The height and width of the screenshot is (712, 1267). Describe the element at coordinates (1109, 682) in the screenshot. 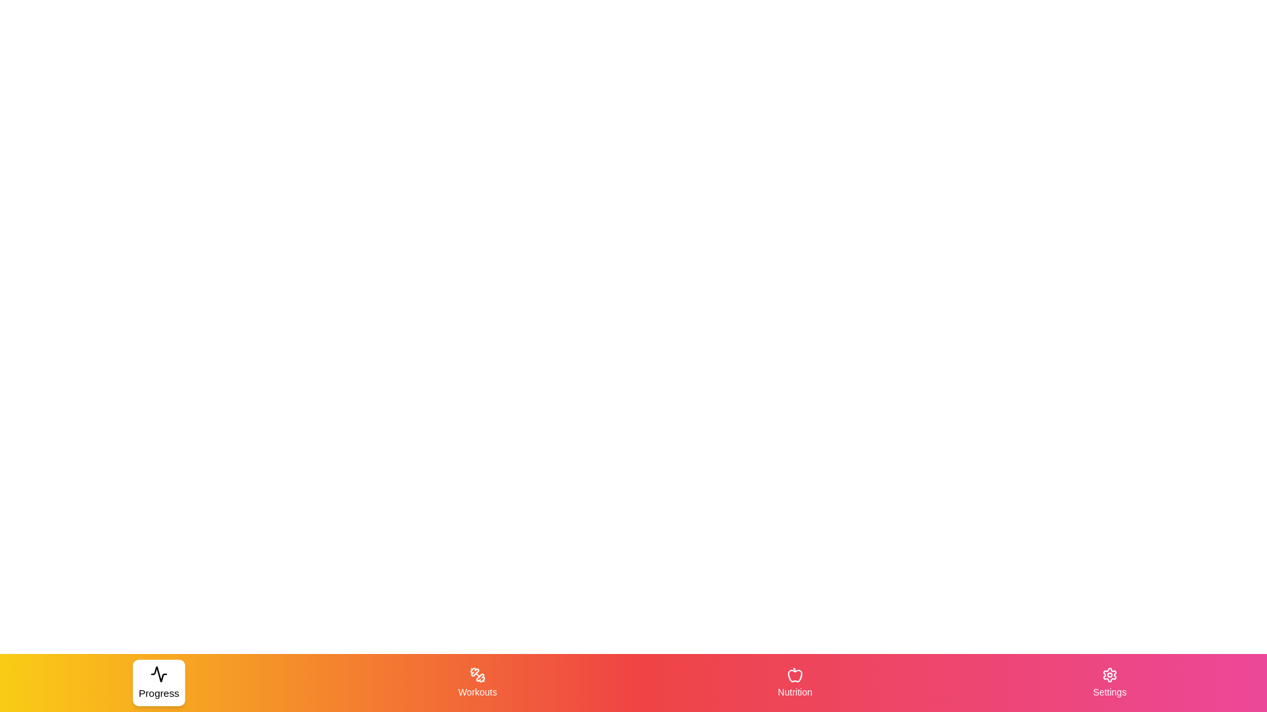

I see `the tab labeled Settings` at that location.